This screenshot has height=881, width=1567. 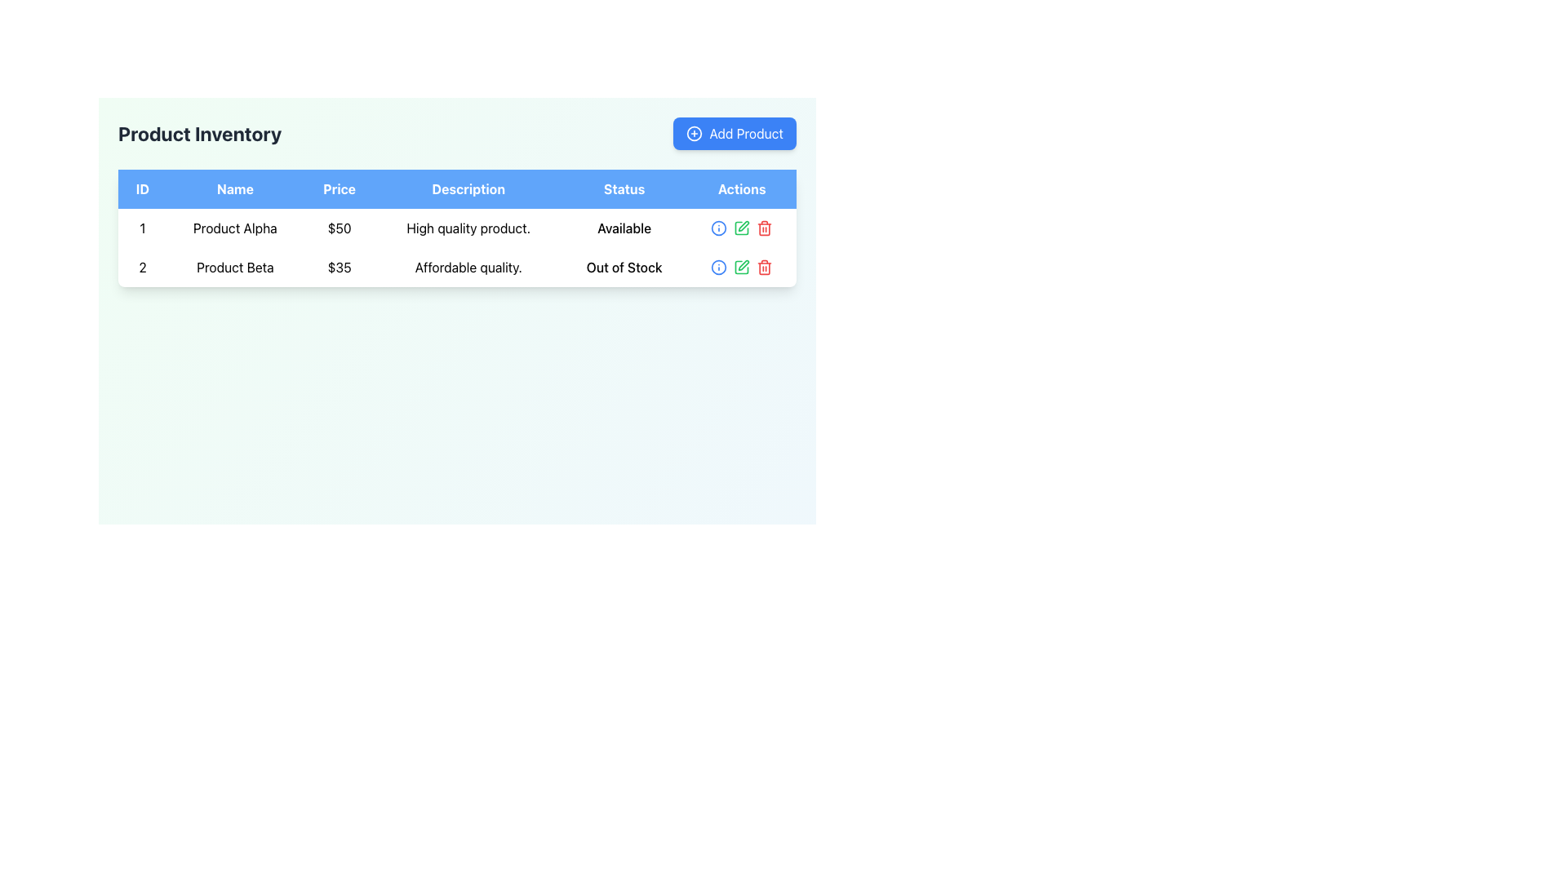 I want to click on the action button group in the first row of the 'Actions' column for 'Product Alpha', so click(x=741, y=228).